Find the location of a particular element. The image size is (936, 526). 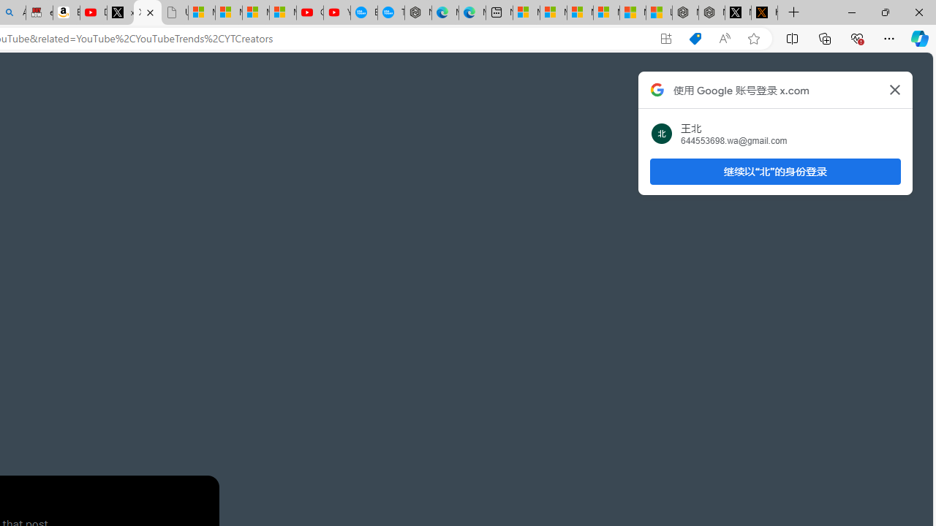

'Untitled' is located at coordinates (175, 12).